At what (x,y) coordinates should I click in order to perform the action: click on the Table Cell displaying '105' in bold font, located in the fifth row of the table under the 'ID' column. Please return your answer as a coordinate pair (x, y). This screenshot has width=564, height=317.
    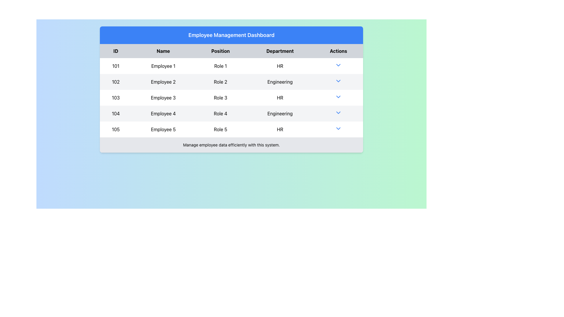
    Looking at the image, I should click on (116, 129).